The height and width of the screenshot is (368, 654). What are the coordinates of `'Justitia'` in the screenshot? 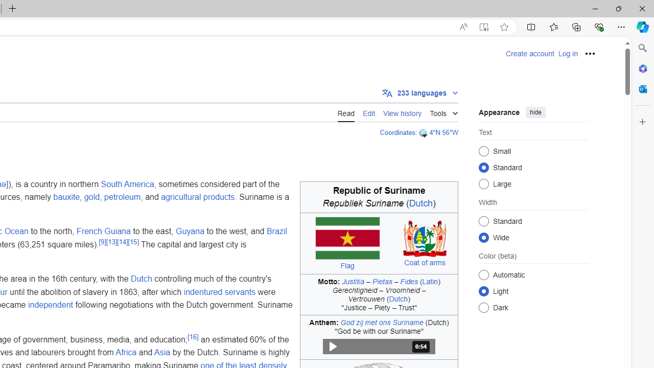 It's located at (353, 281).